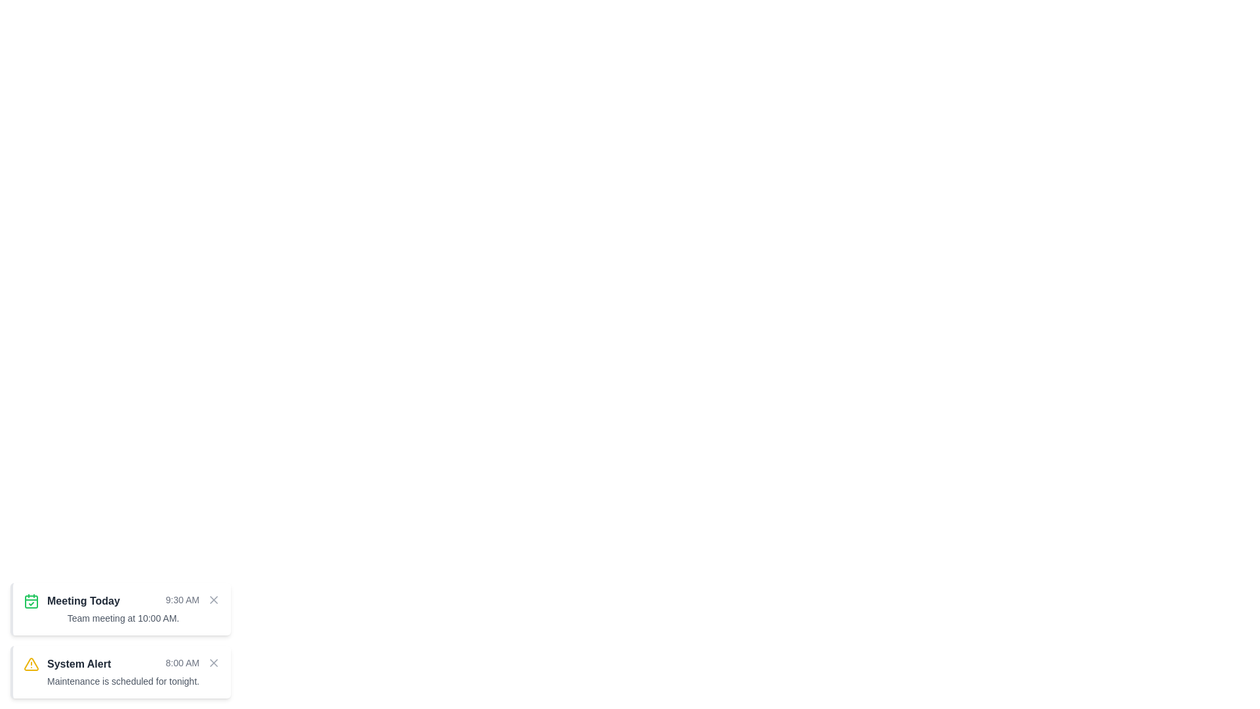  What do you see at coordinates (123, 672) in the screenshot?
I see `information presented in the 'System Alert' notification card, which includes the timestamp '8:00 AM' and the message 'Maintenance is scheduled for tonight.'` at bounding box center [123, 672].